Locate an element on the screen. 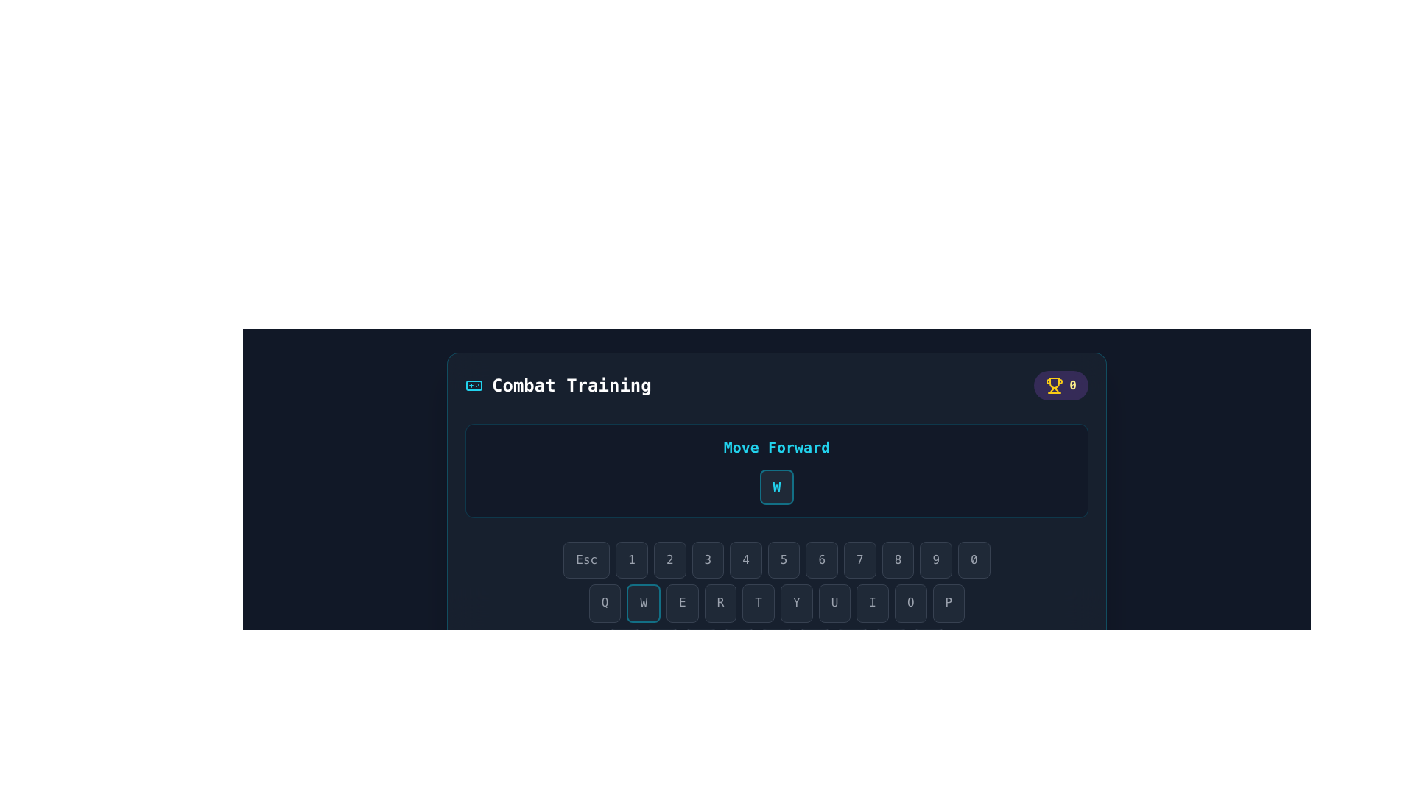 This screenshot has width=1414, height=795. the numeral '1' button, which is the second button in a horizontal row of keys, positioned to the right of the 'Esc' key and to the left of the '2' key is located at coordinates (632, 559).